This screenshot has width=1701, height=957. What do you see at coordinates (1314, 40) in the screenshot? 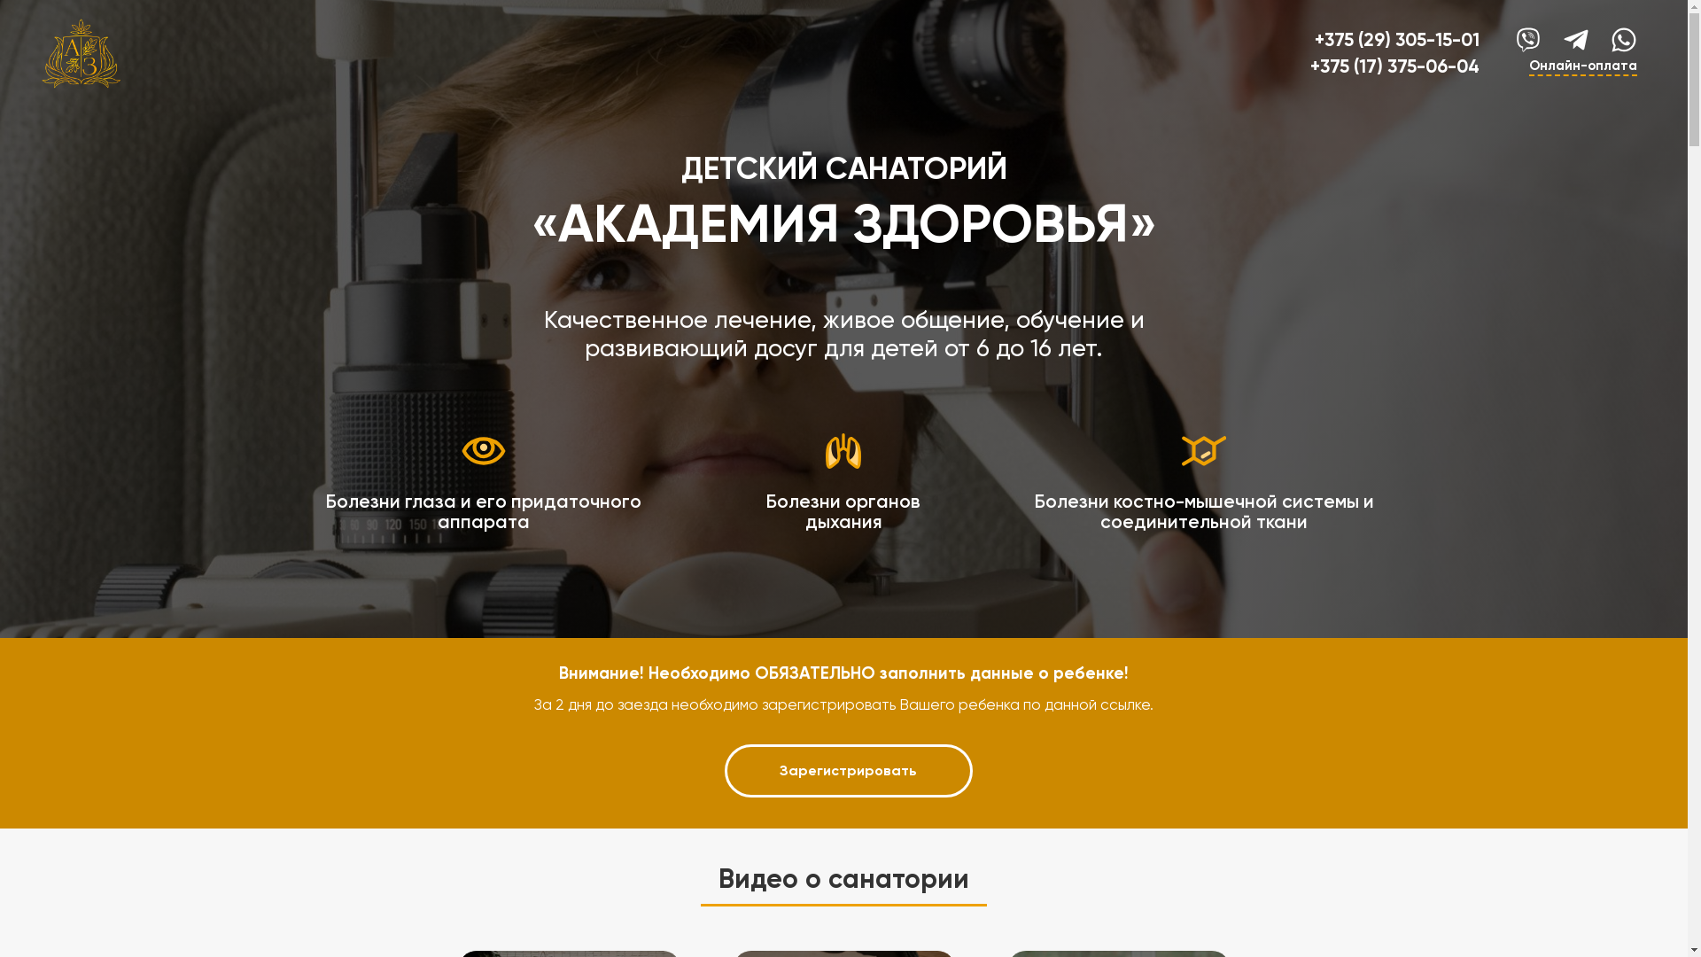
I see `'+375 (29) 305-15-01'` at bounding box center [1314, 40].